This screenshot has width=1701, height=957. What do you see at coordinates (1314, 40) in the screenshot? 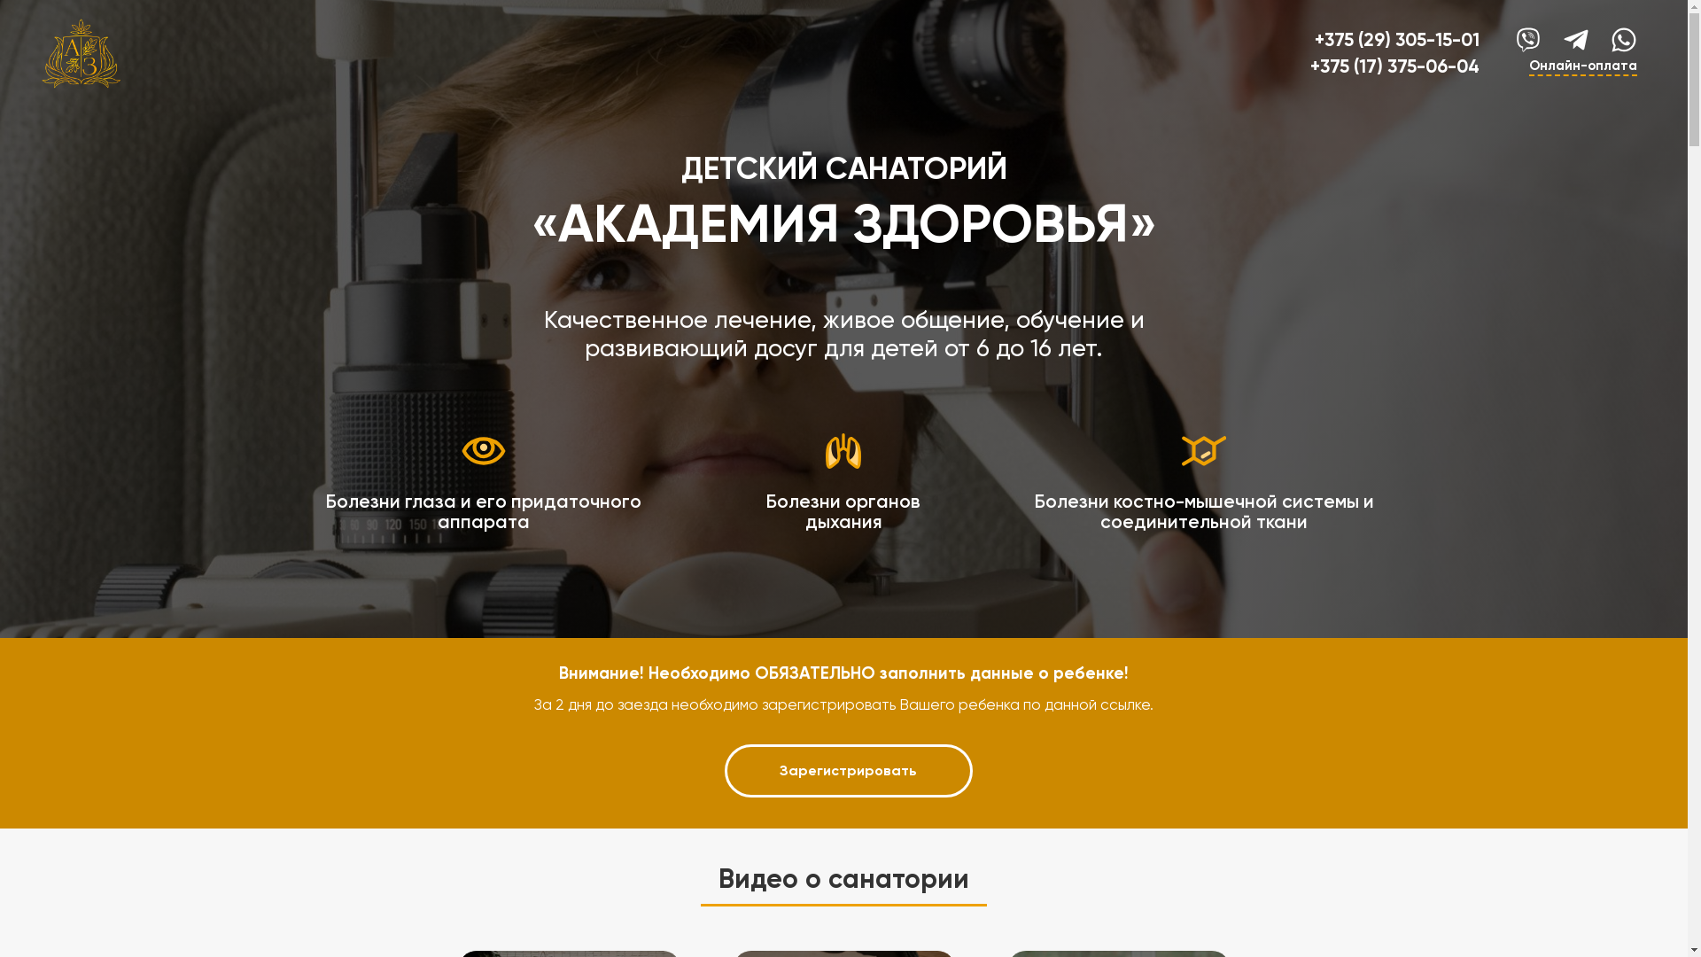
I see `'+375 (29) 305-15-01'` at bounding box center [1314, 40].